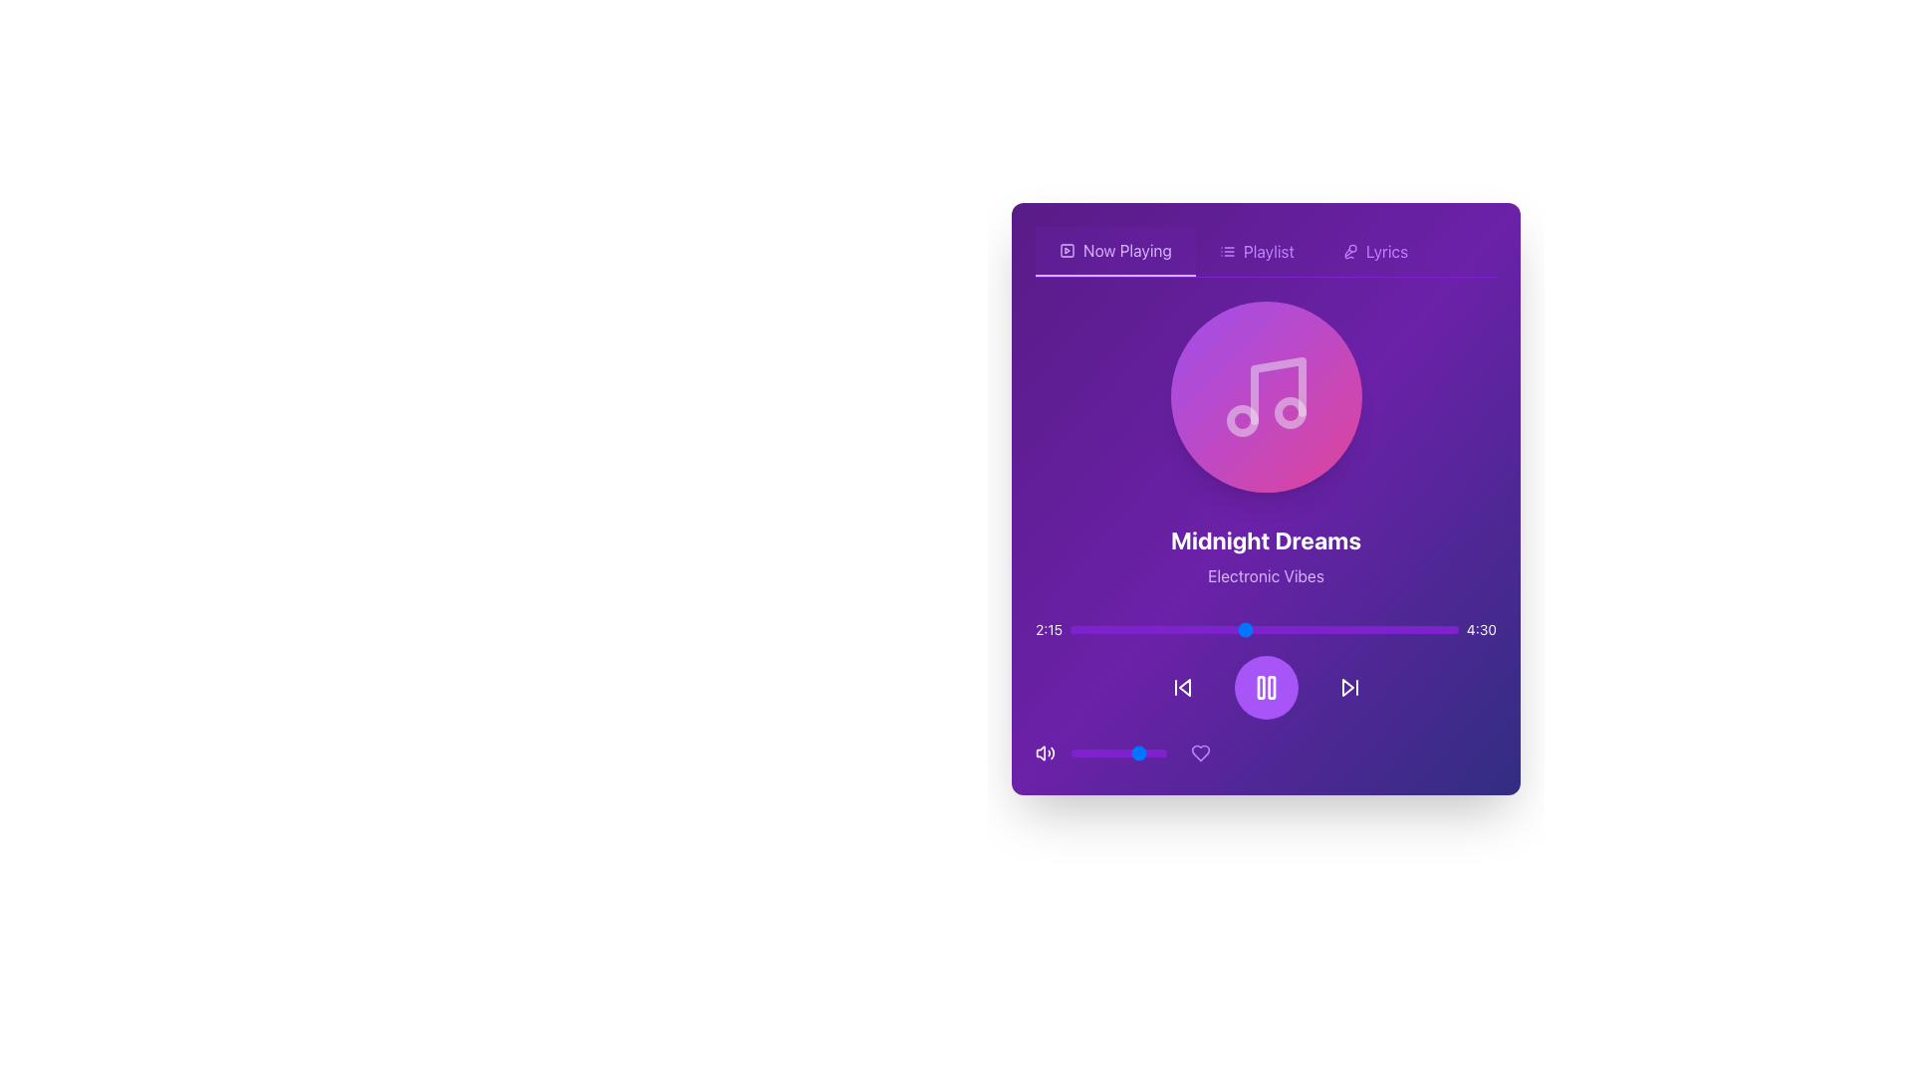 The image size is (1912, 1075). I want to click on the text element titled 'Midnight Dreams' with the subtitle 'Electronic Vibes' located centrally under the circular icon within the purple-themed card interface, so click(1265, 536).